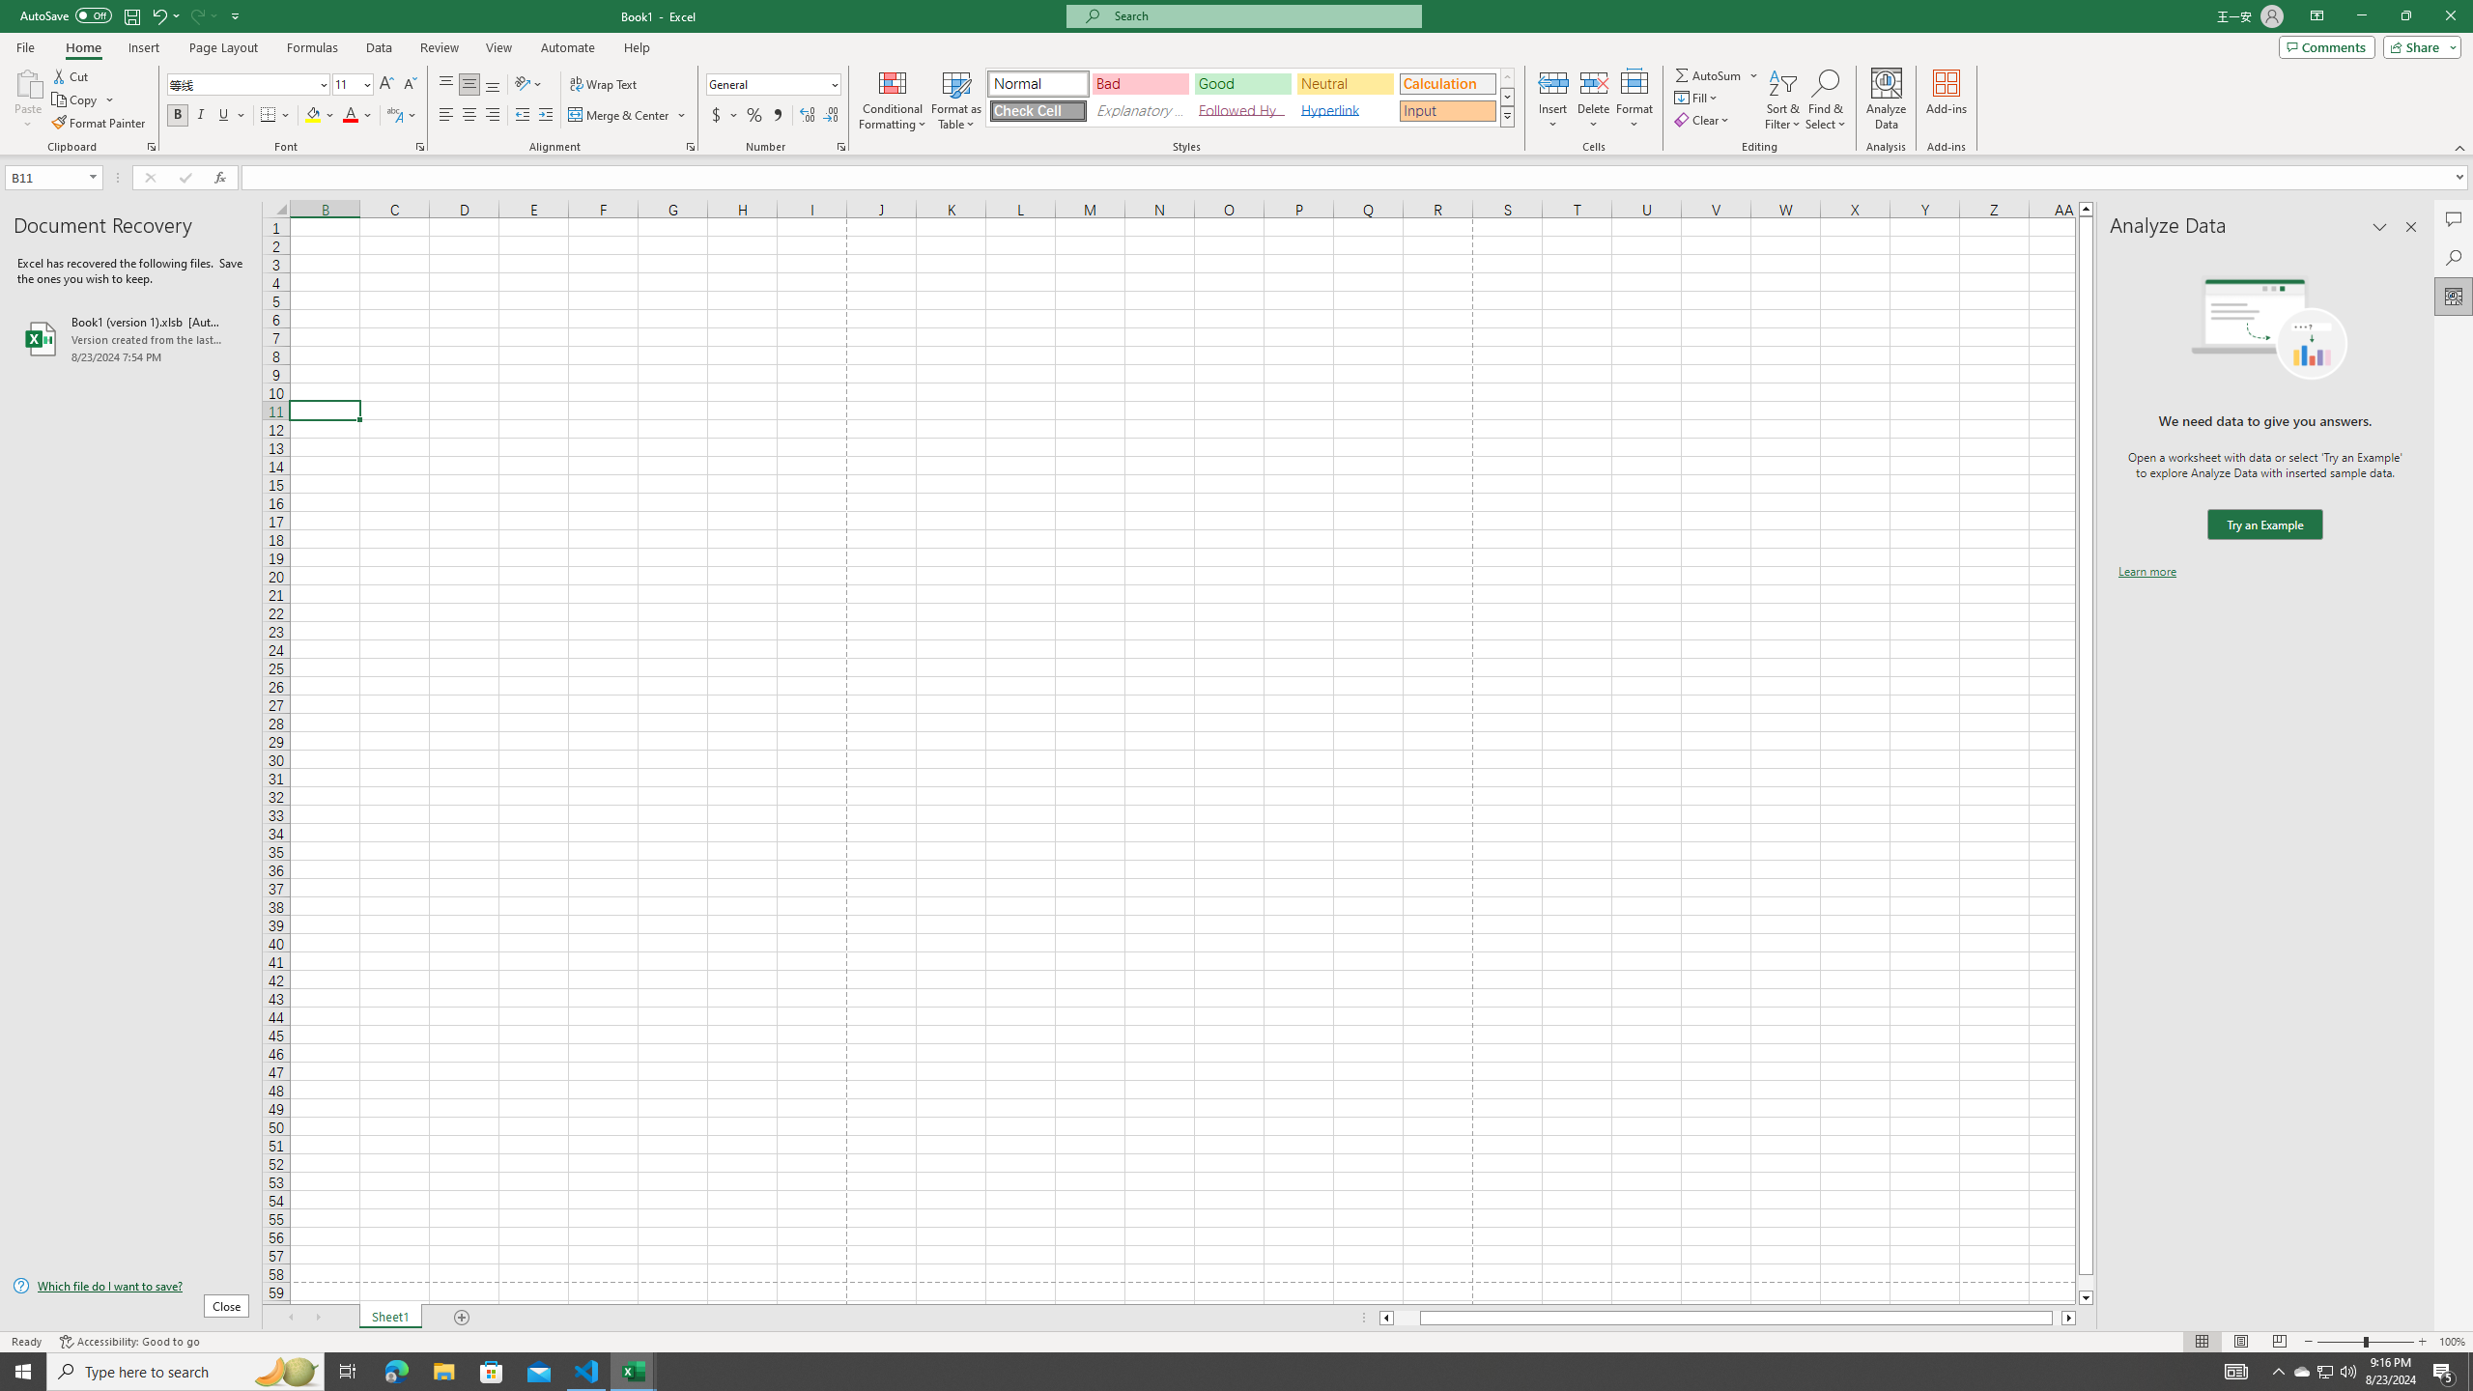 This screenshot has height=1391, width=2473. Describe the element at coordinates (385, 84) in the screenshot. I see `'Increase Font Size'` at that location.